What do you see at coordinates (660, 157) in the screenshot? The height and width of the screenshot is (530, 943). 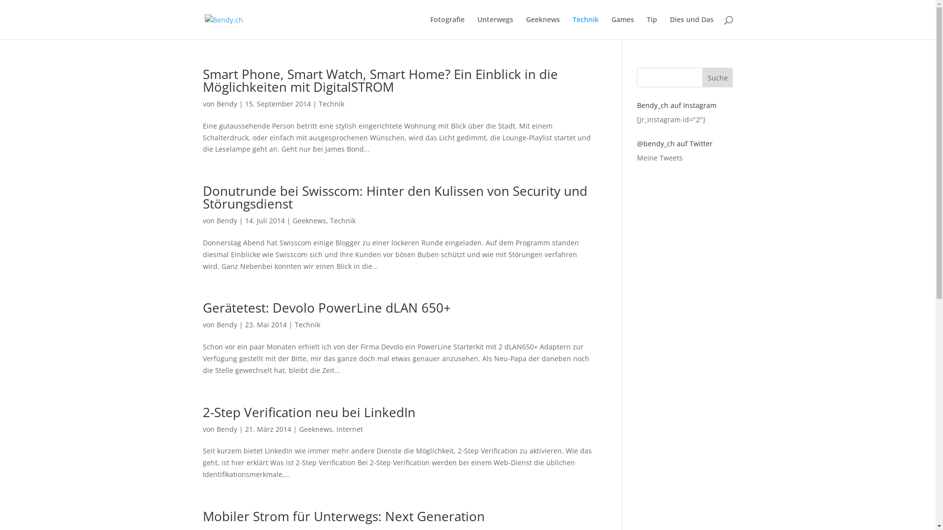 I see `'Meine Tweets'` at bounding box center [660, 157].